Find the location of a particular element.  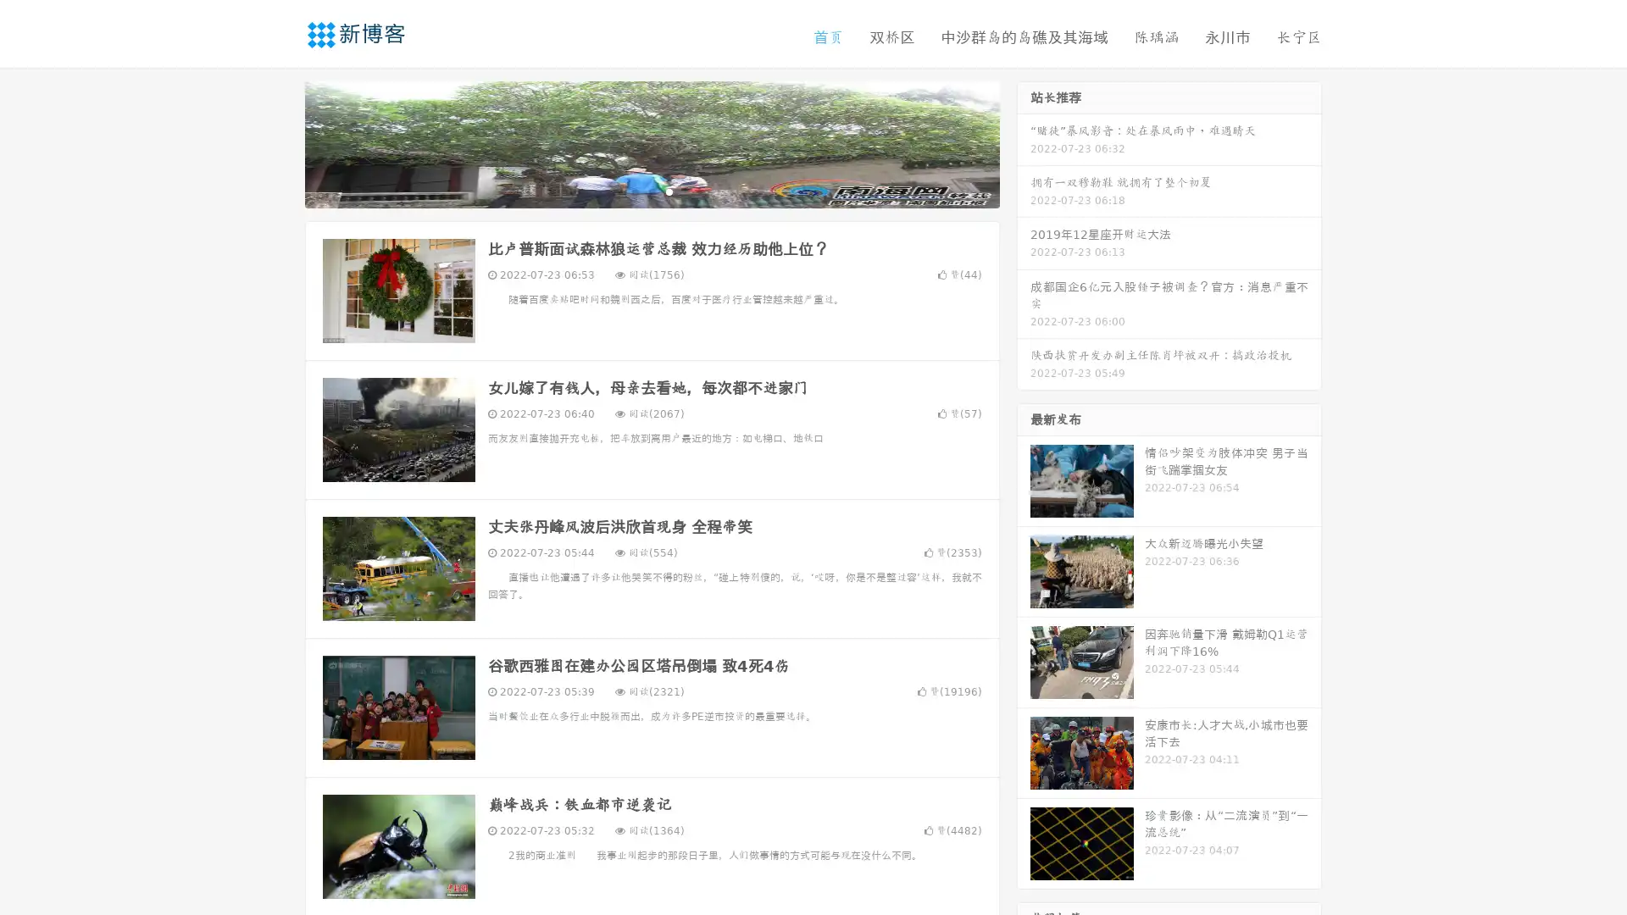

Next slide is located at coordinates (1024, 142).